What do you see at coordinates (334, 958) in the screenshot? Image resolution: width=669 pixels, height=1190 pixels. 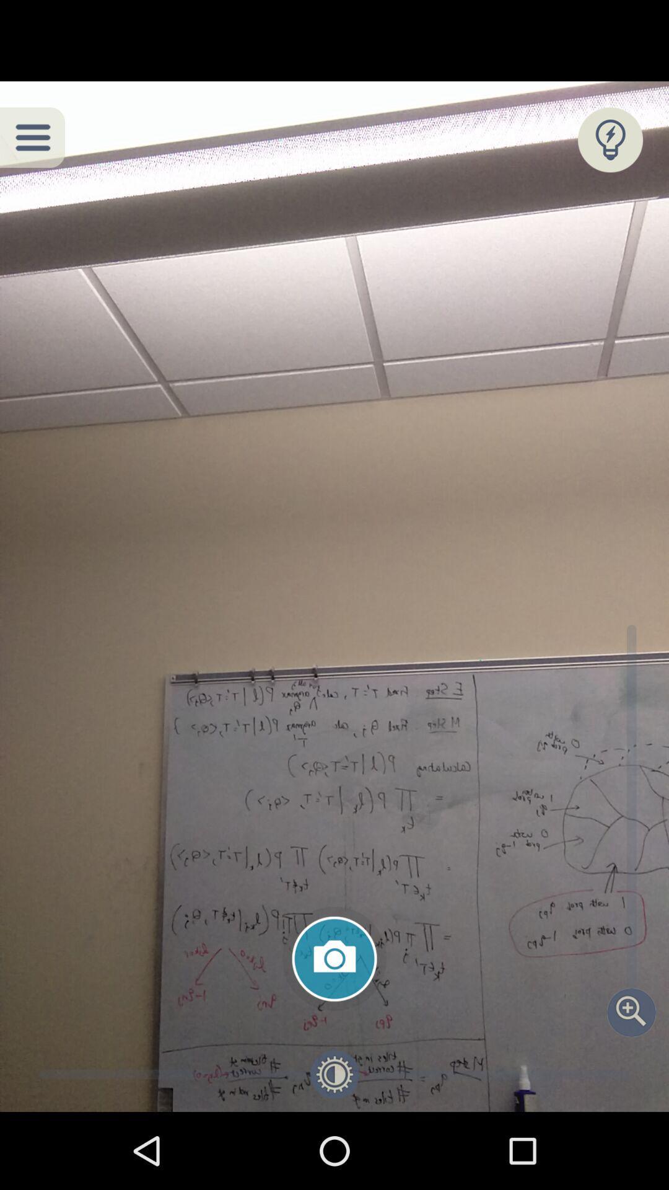 I see `take picture` at bounding box center [334, 958].